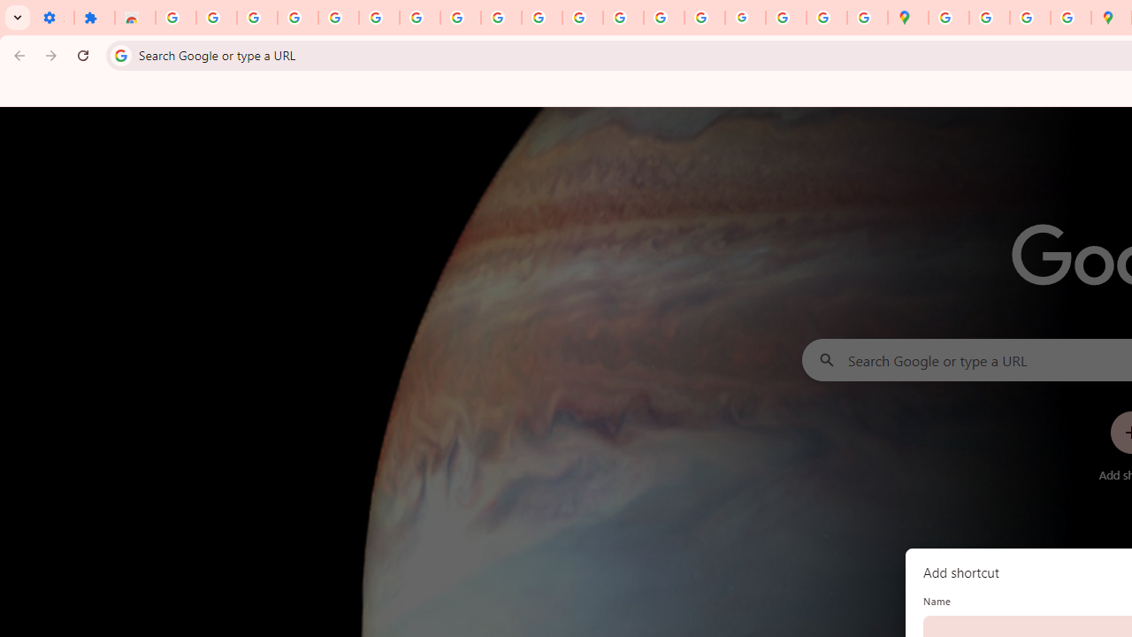  Describe the element at coordinates (53, 18) in the screenshot. I see `'Settings - On startup'` at that location.